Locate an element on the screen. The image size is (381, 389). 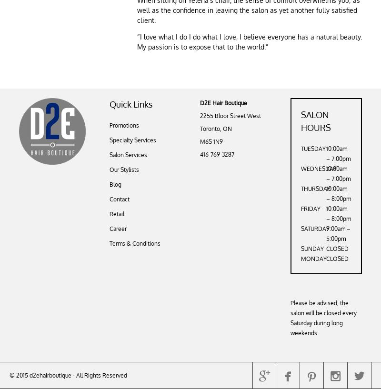
'2255 Bloor Street West' is located at coordinates (231, 115).